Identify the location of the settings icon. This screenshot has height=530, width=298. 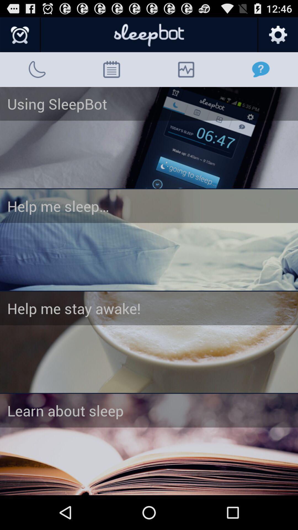
(278, 37).